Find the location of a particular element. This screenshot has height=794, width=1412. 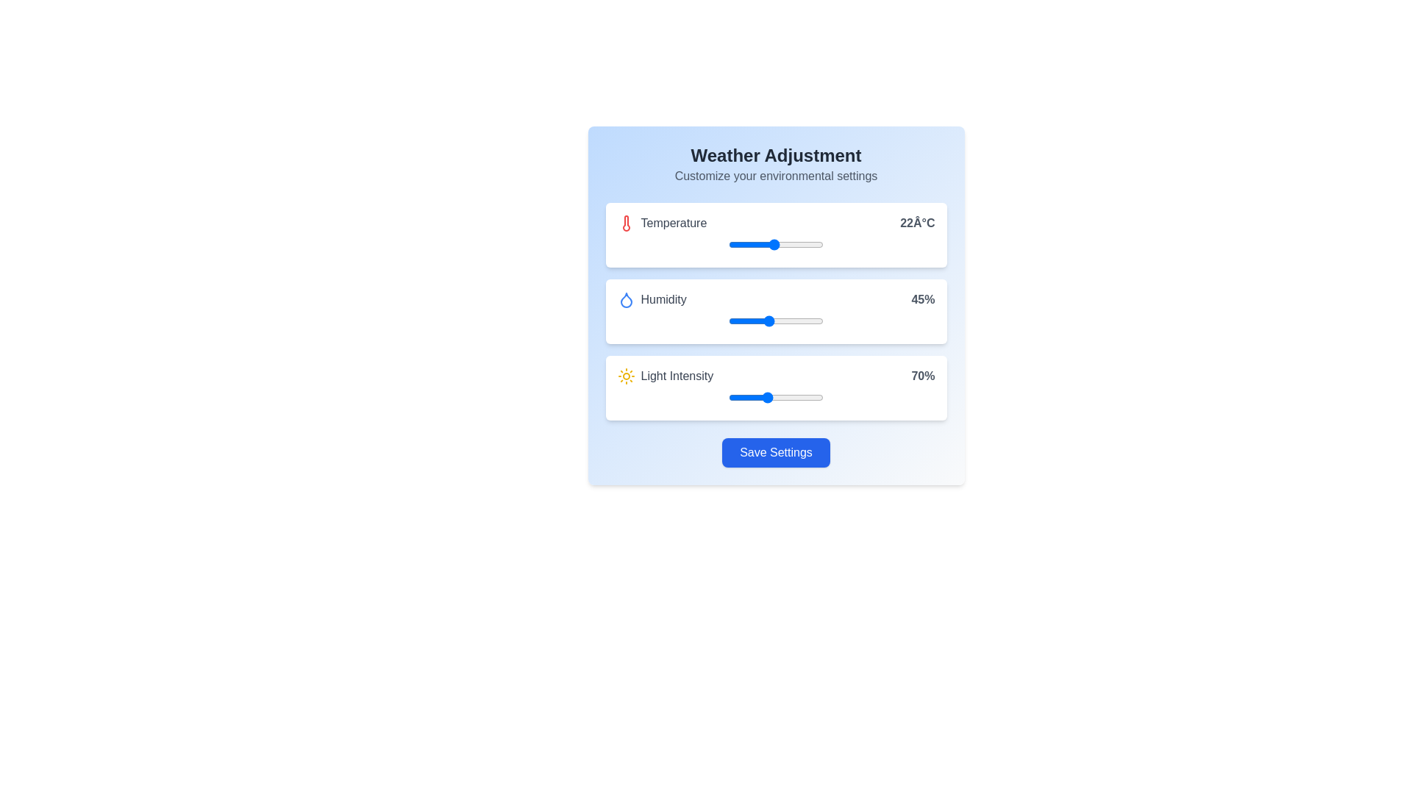

the temperature-related control icon located in the 'Temperature' section, which is the first icon to the left of the 'Temperature' label text is located at coordinates (626, 223).